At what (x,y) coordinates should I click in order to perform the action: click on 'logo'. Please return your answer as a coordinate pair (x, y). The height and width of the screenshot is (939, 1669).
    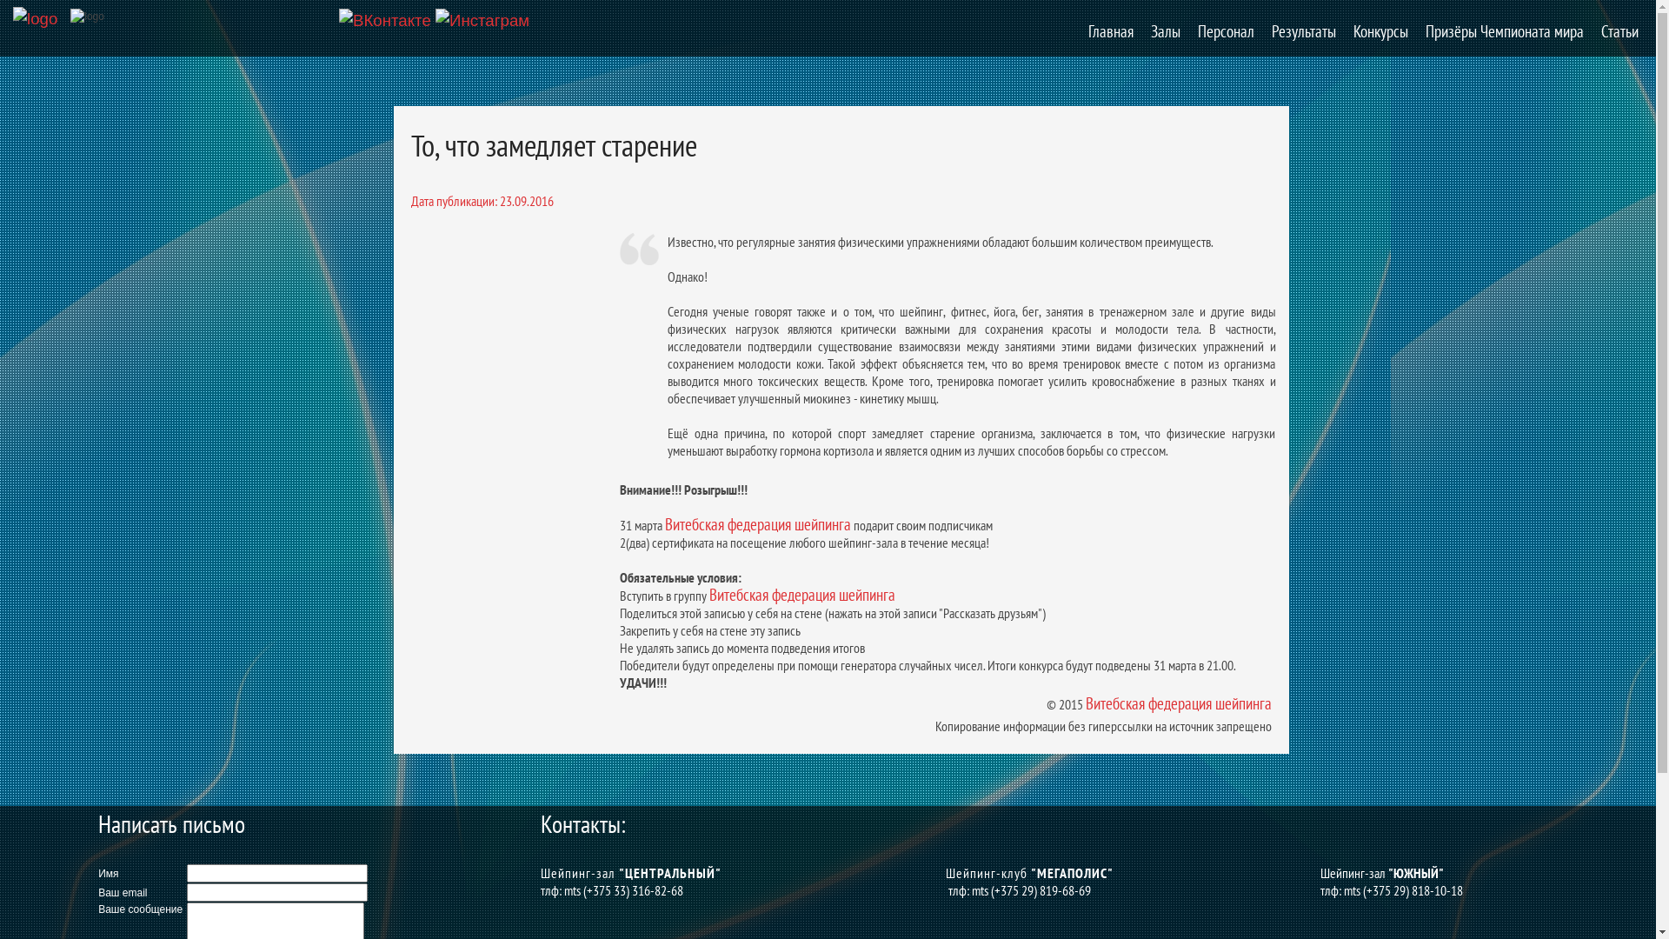
    Looking at the image, I should click on (12, 19).